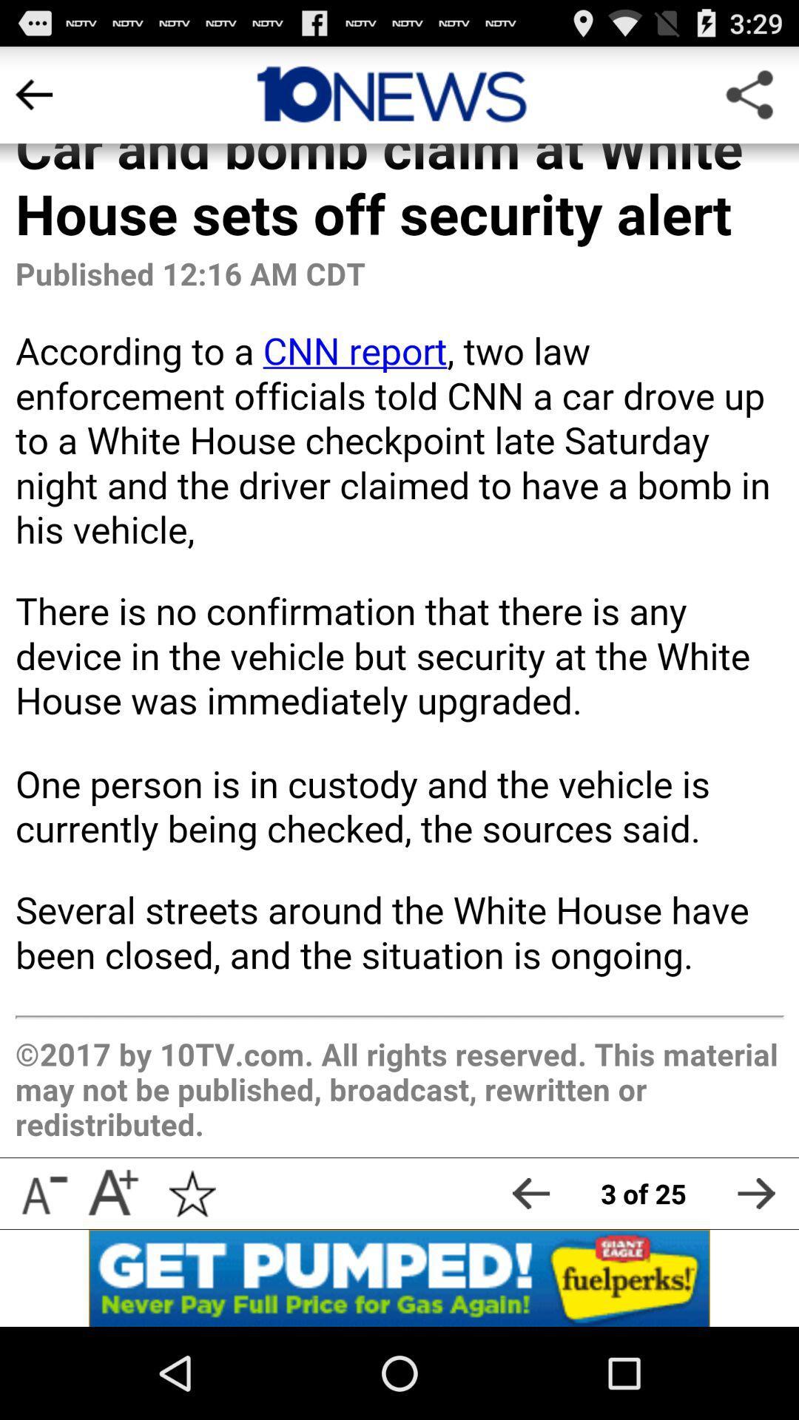 This screenshot has width=799, height=1420. What do you see at coordinates (756, 1193) in the screenshot?
I see `the next article` at bounding box center [756, 1193].